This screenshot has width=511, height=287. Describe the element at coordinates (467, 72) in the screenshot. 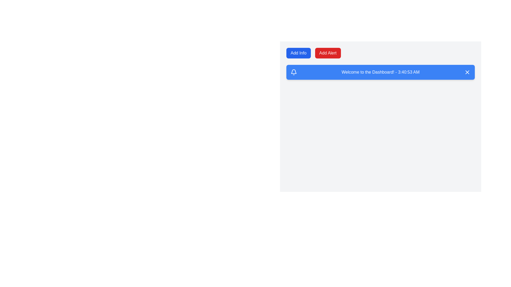

I see `the blue button with a white 'X' icon` at that location.